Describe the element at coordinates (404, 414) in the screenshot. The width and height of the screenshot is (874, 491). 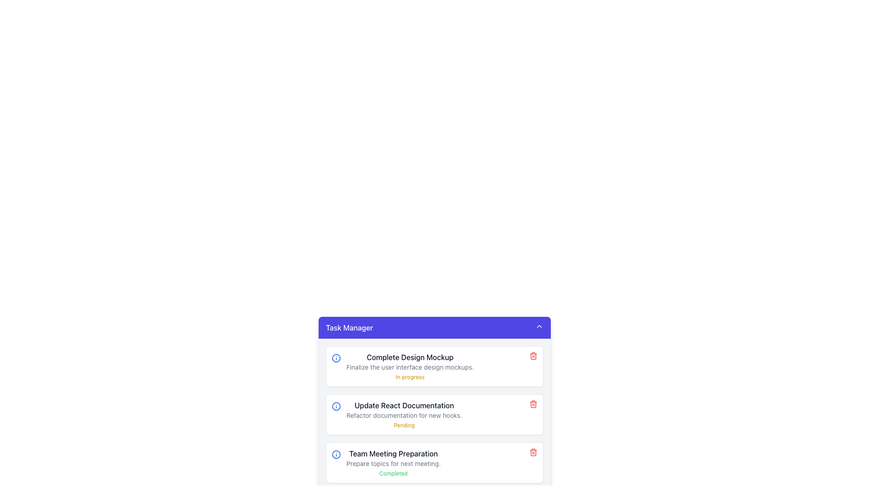
I see `the task item entry displaying its title and description for detailed task information, located in the task management system beneath 'Complete Design Mockup' and above 'Team Meeting Preparation'` at that location.